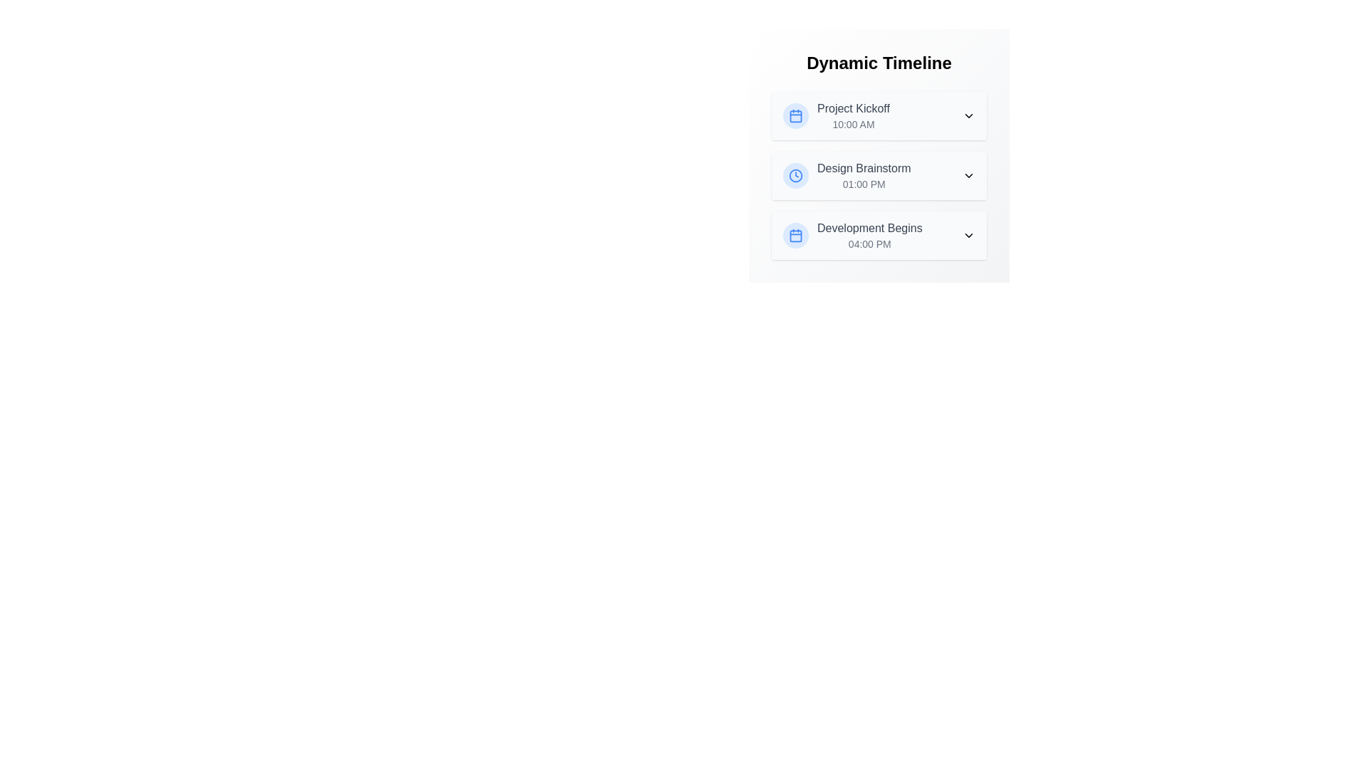 This screenshot has height=769, width=1367. Describe the element at coordinates (837, 115) in the screenshot. I see `the first event in the Dynamic Timeline section, titled 'Project Kickoff', which includes a calendar icon on its left` at that location.